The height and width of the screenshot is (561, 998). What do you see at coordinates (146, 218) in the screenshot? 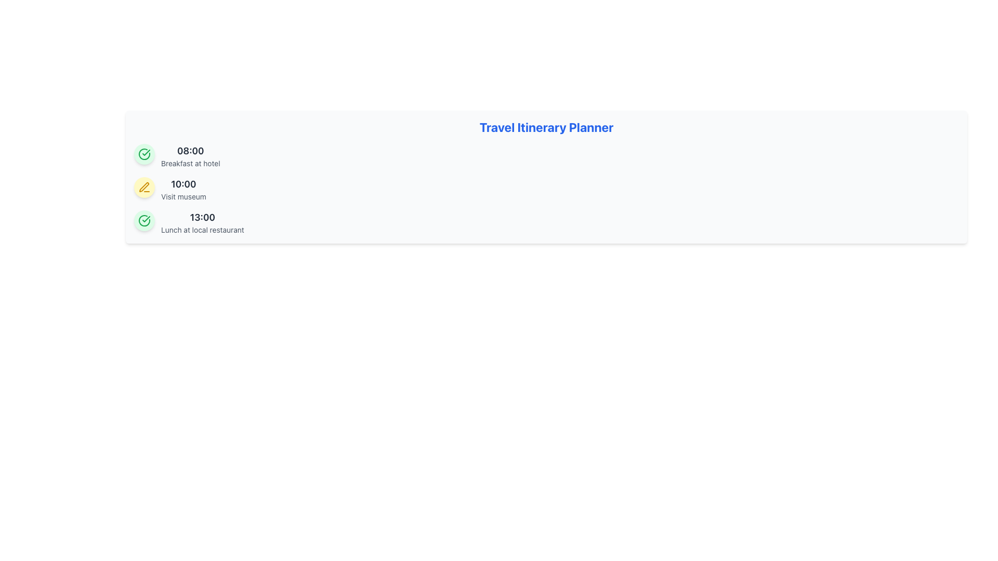
I see `assistive technology` at bounding box center [146, 218].